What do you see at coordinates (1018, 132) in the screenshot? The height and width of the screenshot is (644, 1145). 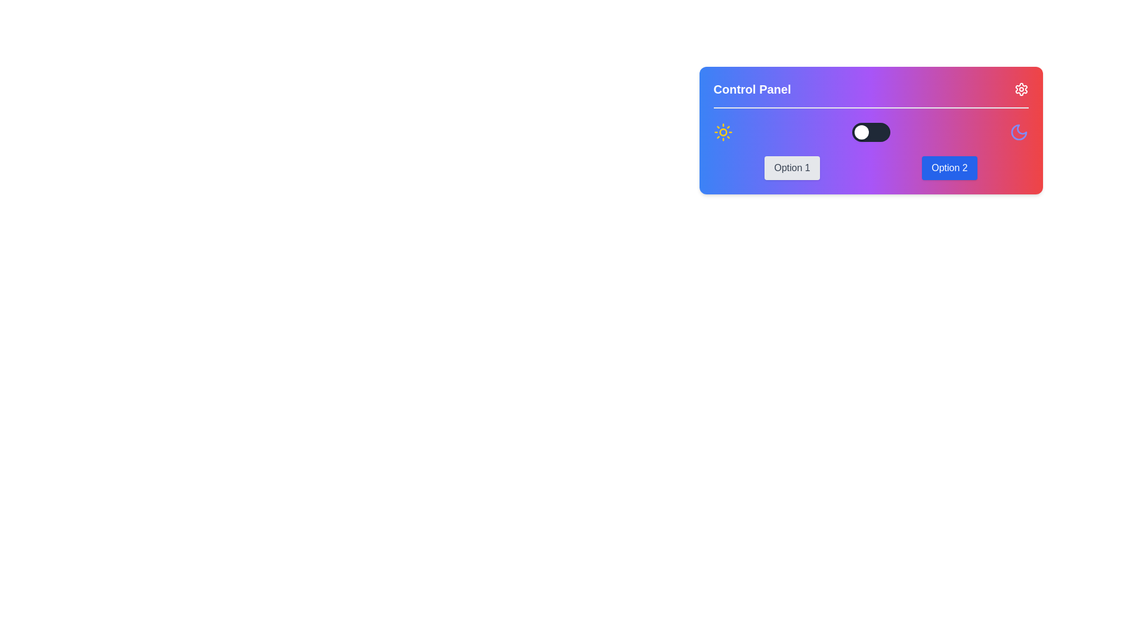 I see `the moon icon located in the top-right corner of the panel interface` at bounding box center [1018, 132].